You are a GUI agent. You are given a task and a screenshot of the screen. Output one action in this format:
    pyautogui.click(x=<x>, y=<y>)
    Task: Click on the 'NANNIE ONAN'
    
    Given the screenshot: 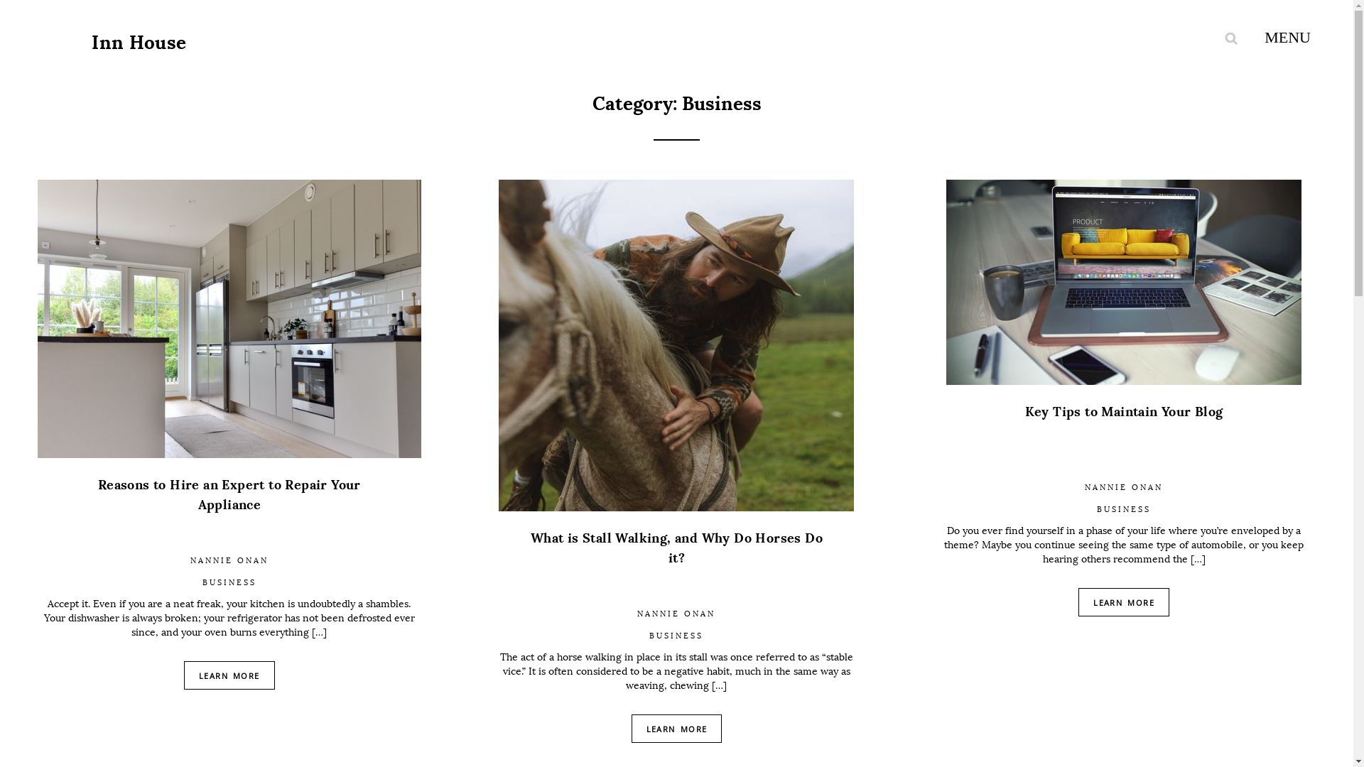 What is the action you would take?
    pyautogui.click(x=675, y=613)
    